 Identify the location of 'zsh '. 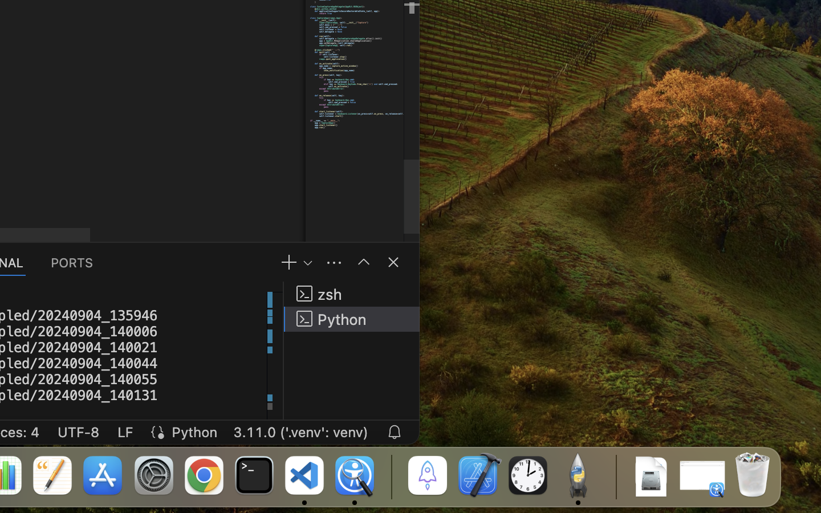
(351, 293).